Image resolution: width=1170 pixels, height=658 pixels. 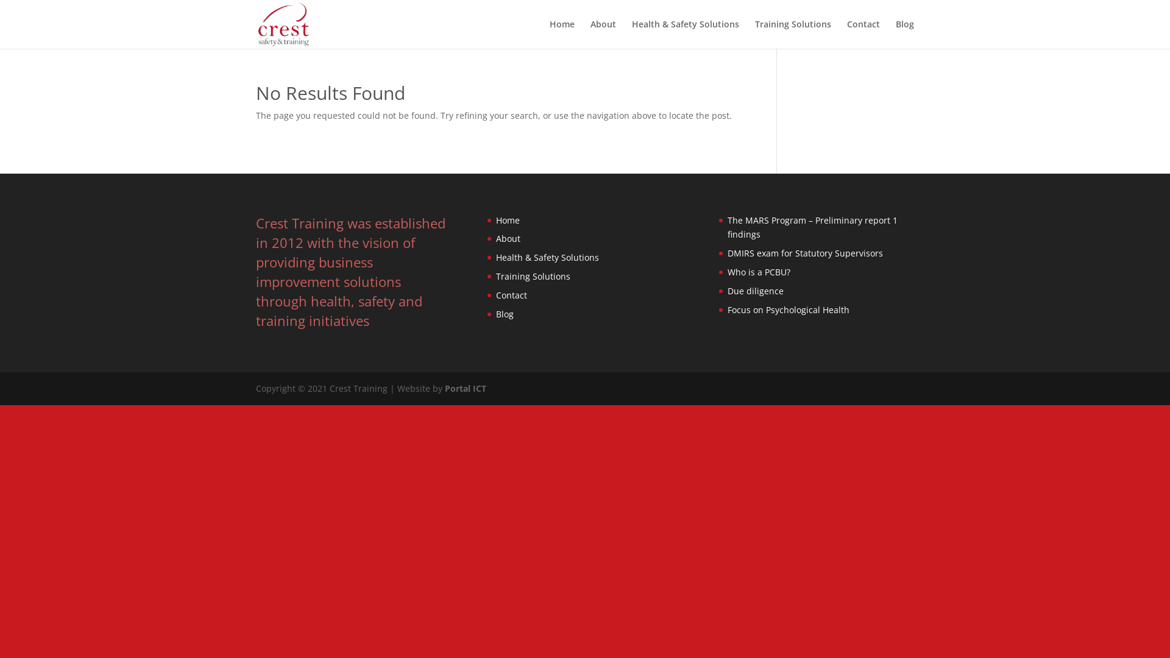 I want to click on 'About', so click(x=603, y=34).